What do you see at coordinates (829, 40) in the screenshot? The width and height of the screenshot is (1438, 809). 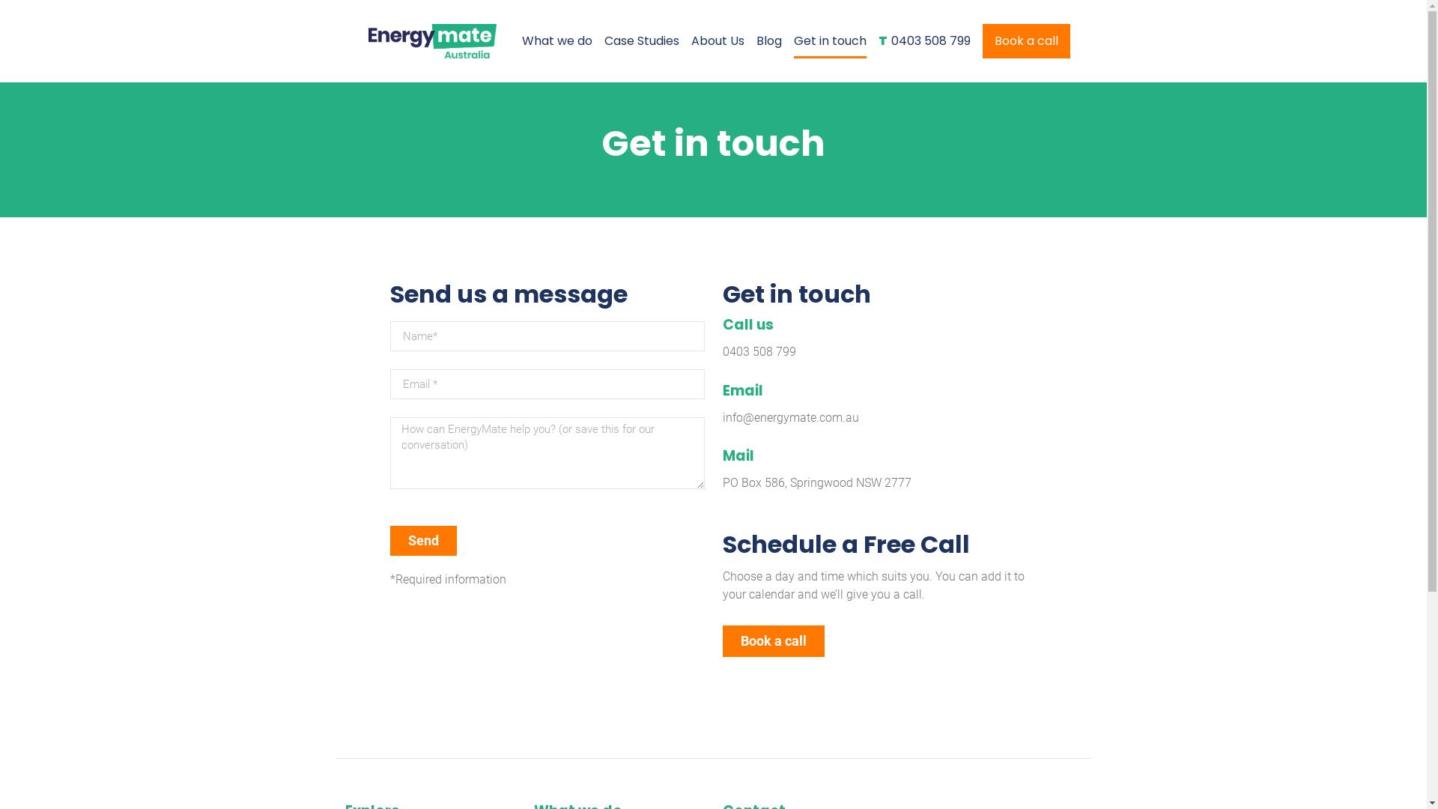 I see `'Get in touch'` at bounding box center [829, 40].